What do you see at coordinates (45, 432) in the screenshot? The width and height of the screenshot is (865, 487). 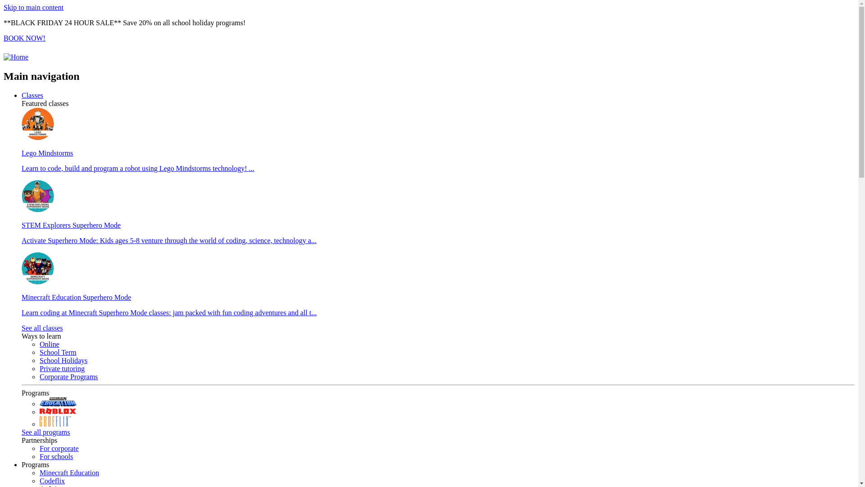 I see `'See all programs'` at bounding box center [45, 432].